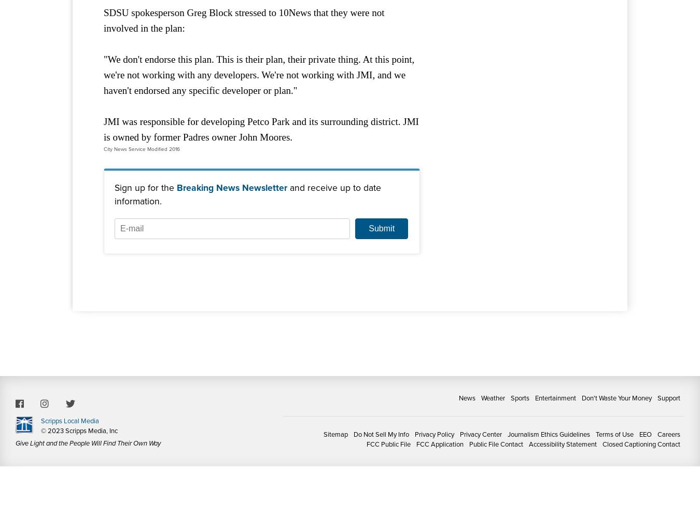 This screenshot has width=700, height=513. I want to click on 'Scripps Local Media', so click(40, 420).